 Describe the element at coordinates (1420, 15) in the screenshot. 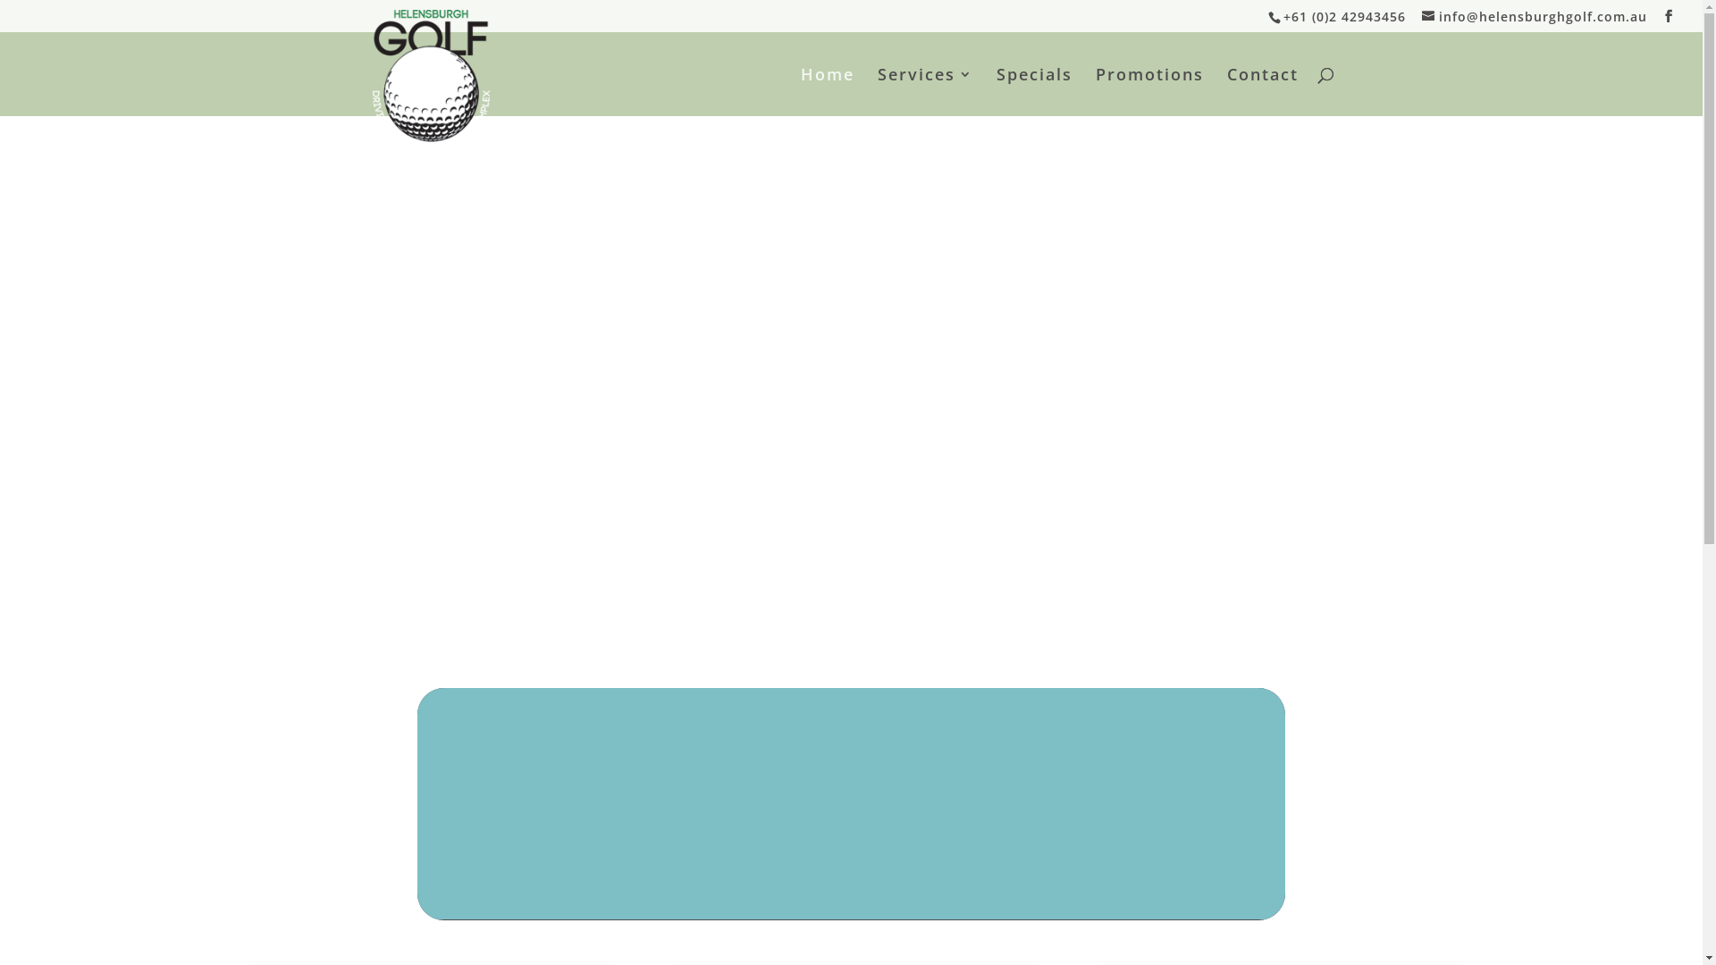

I see `'info@helensburghgolf.com.au'` at that location.